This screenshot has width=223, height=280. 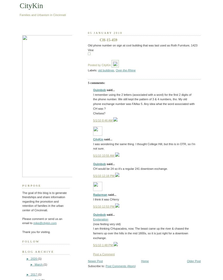 I want to click on '5/1/10 1:48 PM', so click(x=103, y=245).